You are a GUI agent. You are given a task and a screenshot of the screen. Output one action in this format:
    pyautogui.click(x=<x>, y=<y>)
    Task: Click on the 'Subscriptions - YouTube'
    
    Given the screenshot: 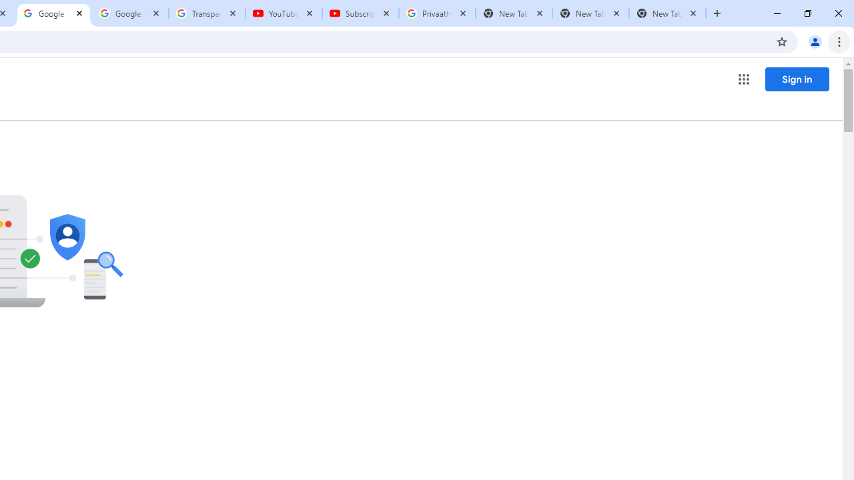 What is the action you would take?
    pyautogui.click(x=360, y=13)
    